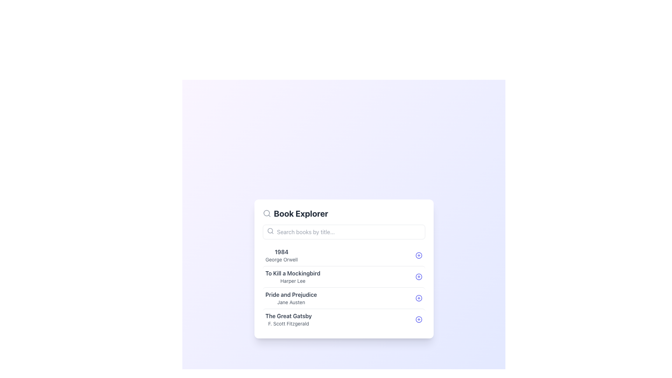 This screenshot has height=378, width=672. I want to click on to select the first book option '1984' by George Orwell in the 'Book Explorer' section, which is positioned below the search bar, so click(344, 255).